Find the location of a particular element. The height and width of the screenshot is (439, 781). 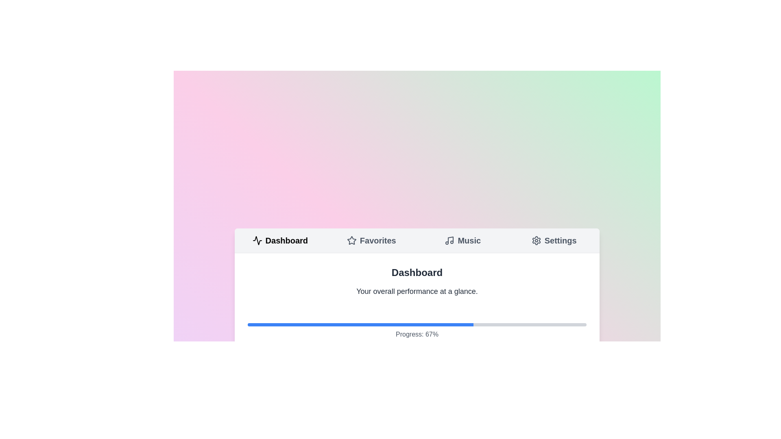

the tab button for Favorites to observe its state change is located at coordinates (371, 240).